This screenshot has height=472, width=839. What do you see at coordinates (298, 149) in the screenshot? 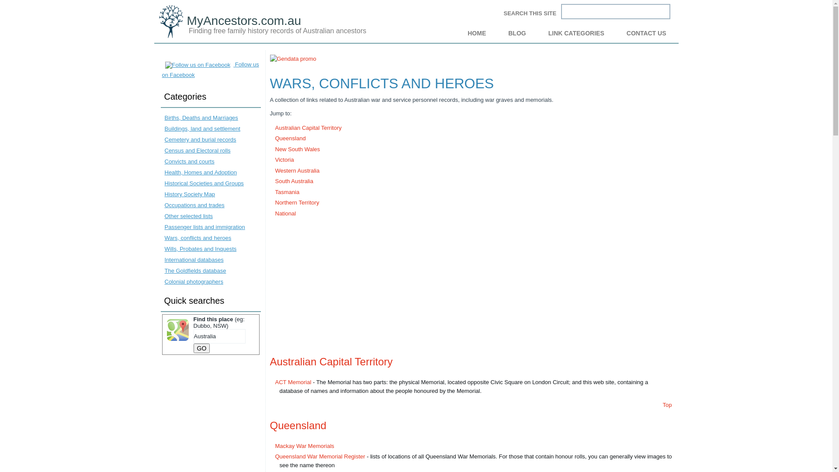
I see `'New South Wales'` at bounding box center [298, 149].